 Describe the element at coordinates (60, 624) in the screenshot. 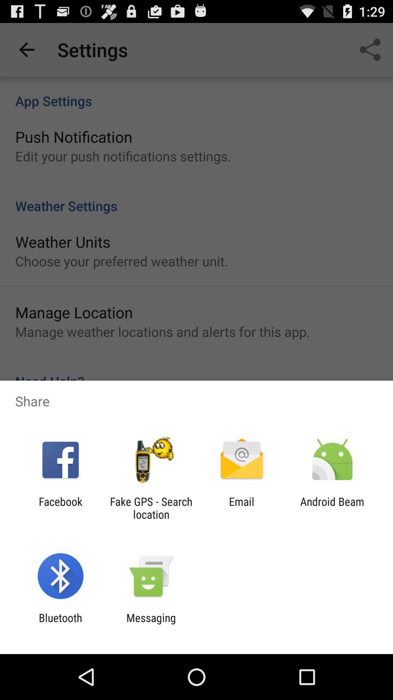

I see `the icon to the left of messaging icon` at that location.